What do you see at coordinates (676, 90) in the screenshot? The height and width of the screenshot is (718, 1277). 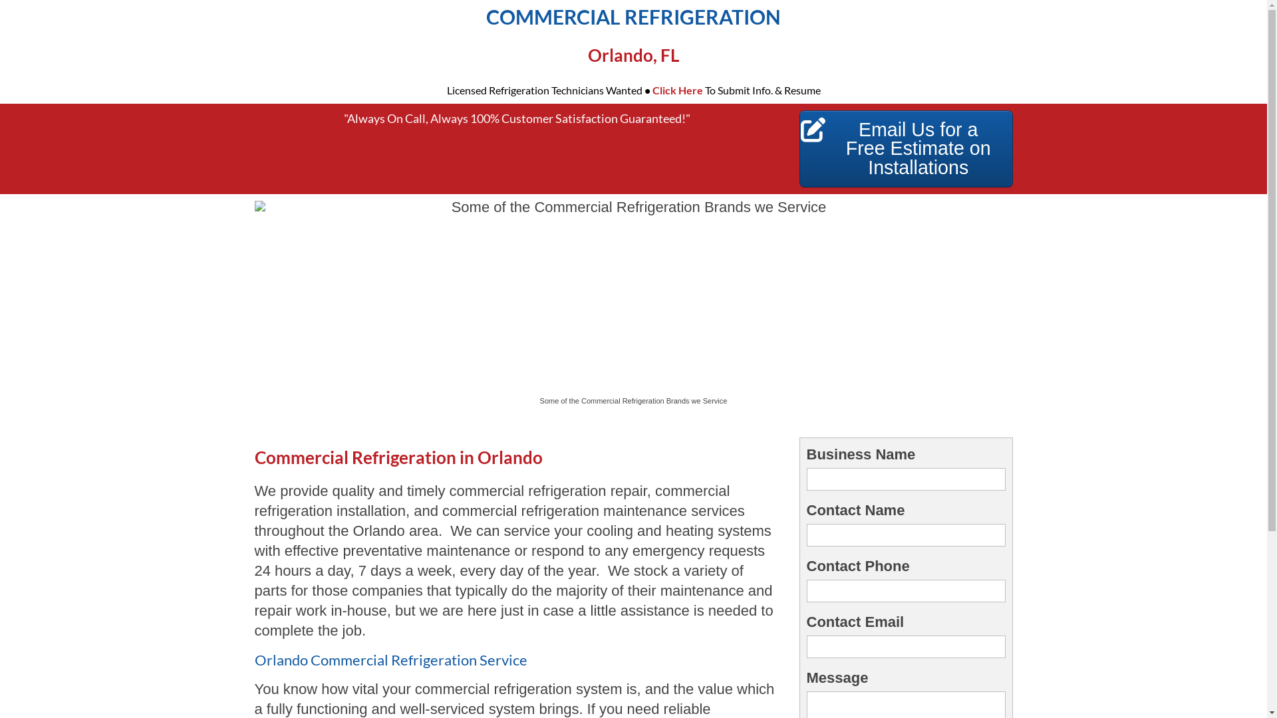 I see `'Click Here'` at bounding box center [676, 90].